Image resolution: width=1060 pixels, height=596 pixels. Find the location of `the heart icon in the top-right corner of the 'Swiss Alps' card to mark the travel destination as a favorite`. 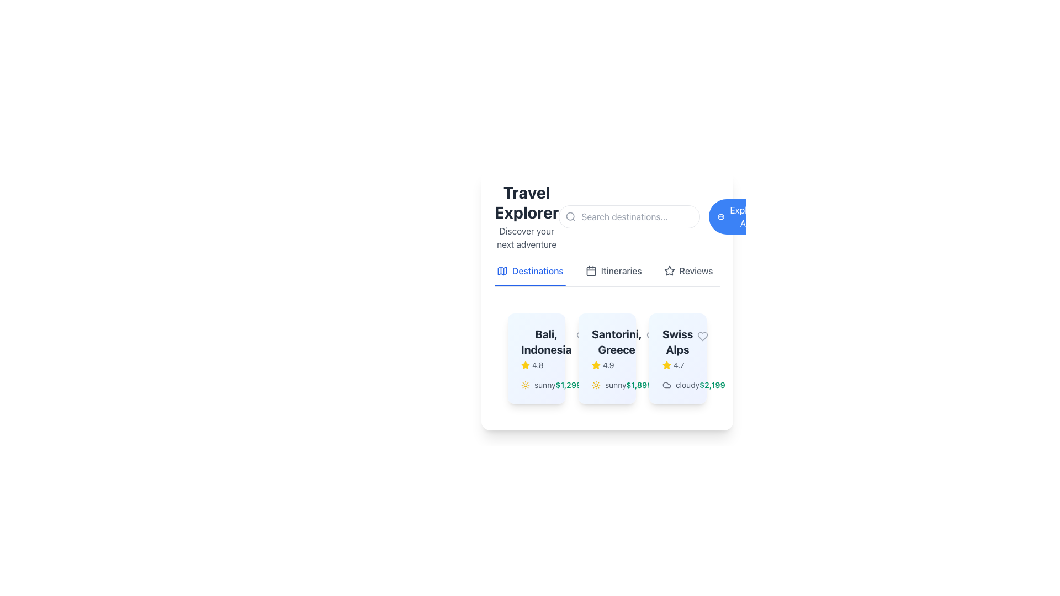

the heart icon in the top-right corner of the 'Swiss Alps' card to mark the travel destination as a favorite is located at coordinates (702, 336).